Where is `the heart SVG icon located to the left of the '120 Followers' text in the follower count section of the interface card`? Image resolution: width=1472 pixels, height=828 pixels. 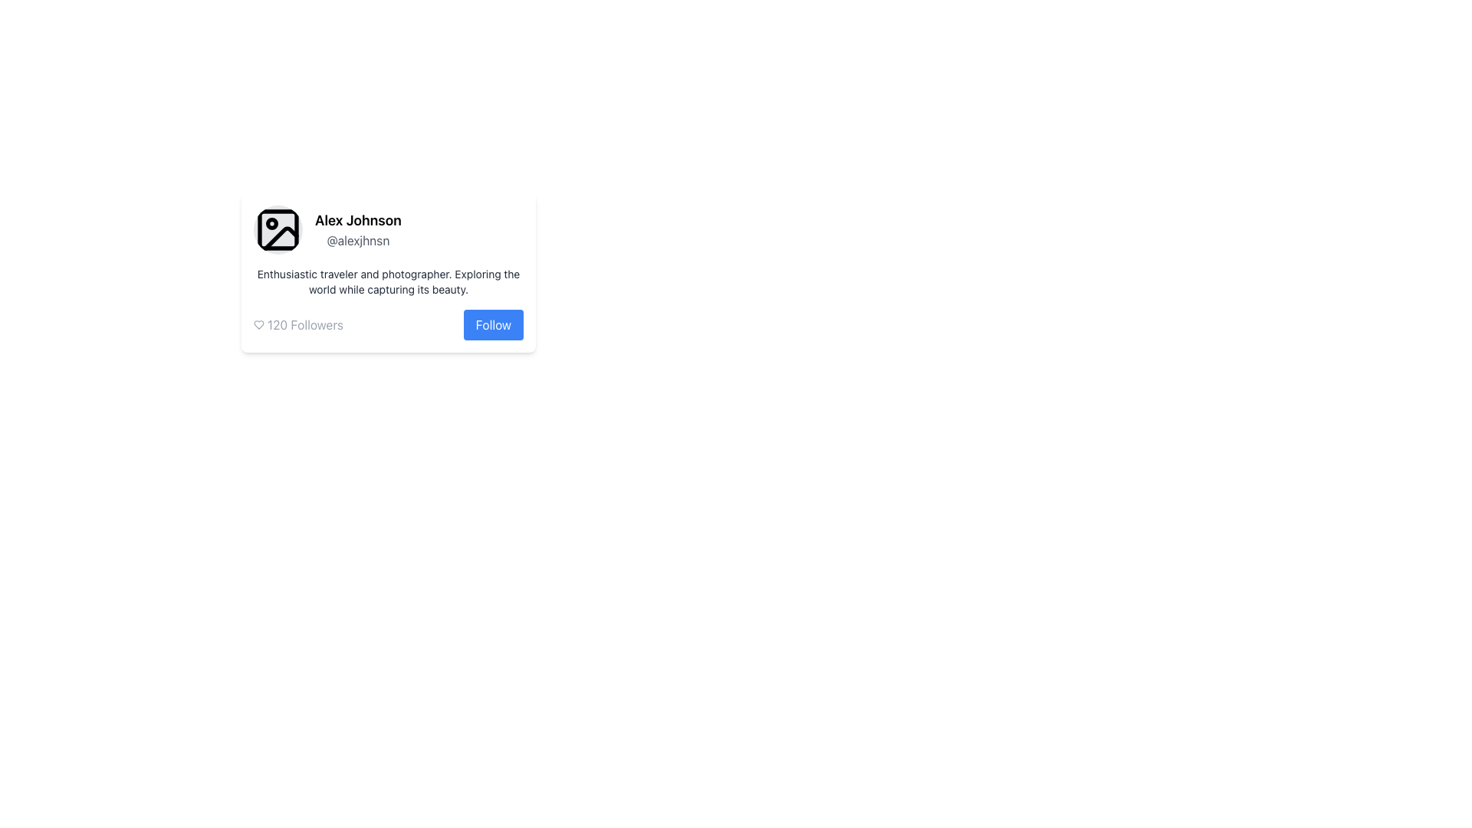 the heart SVG icon located to the left of the '120 Followers' text in the follower count section of the interface card is located at coordinates (258, 324).